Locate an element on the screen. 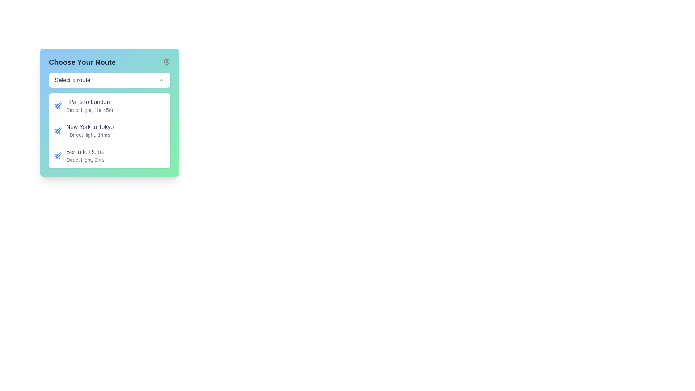 The image size is (695, 391). the label indicating the dropdown menu for selecting a route, which is located to the left of the dropdown selector within the 'Choose Your Route' card interface is located at coordinates (72, 80).